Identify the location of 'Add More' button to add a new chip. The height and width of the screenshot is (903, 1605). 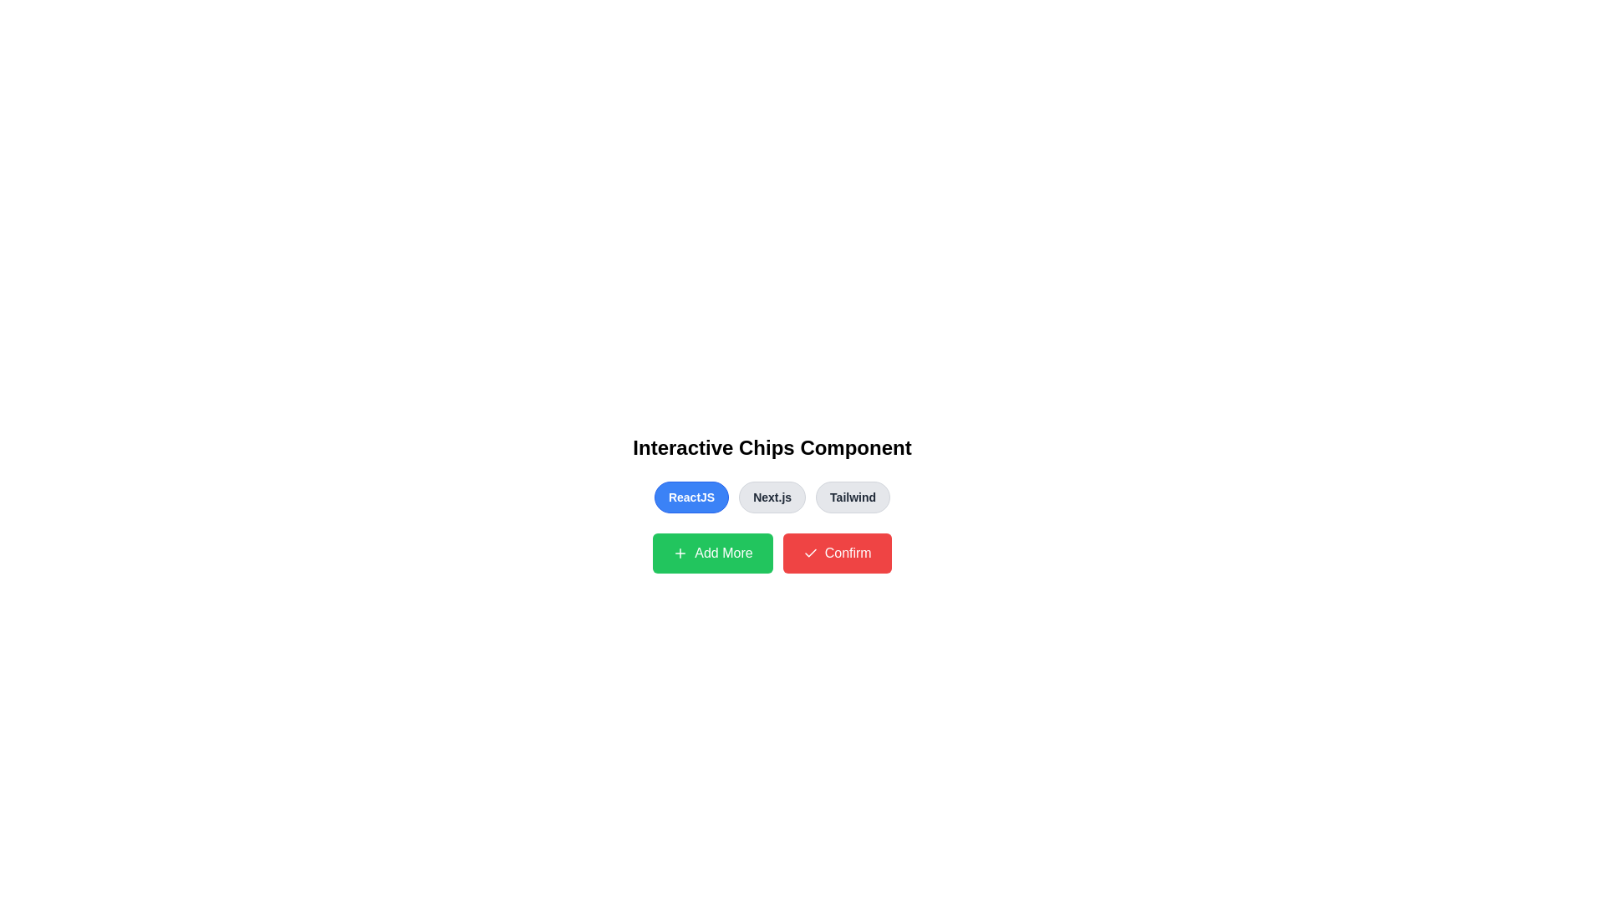
(713, 554).